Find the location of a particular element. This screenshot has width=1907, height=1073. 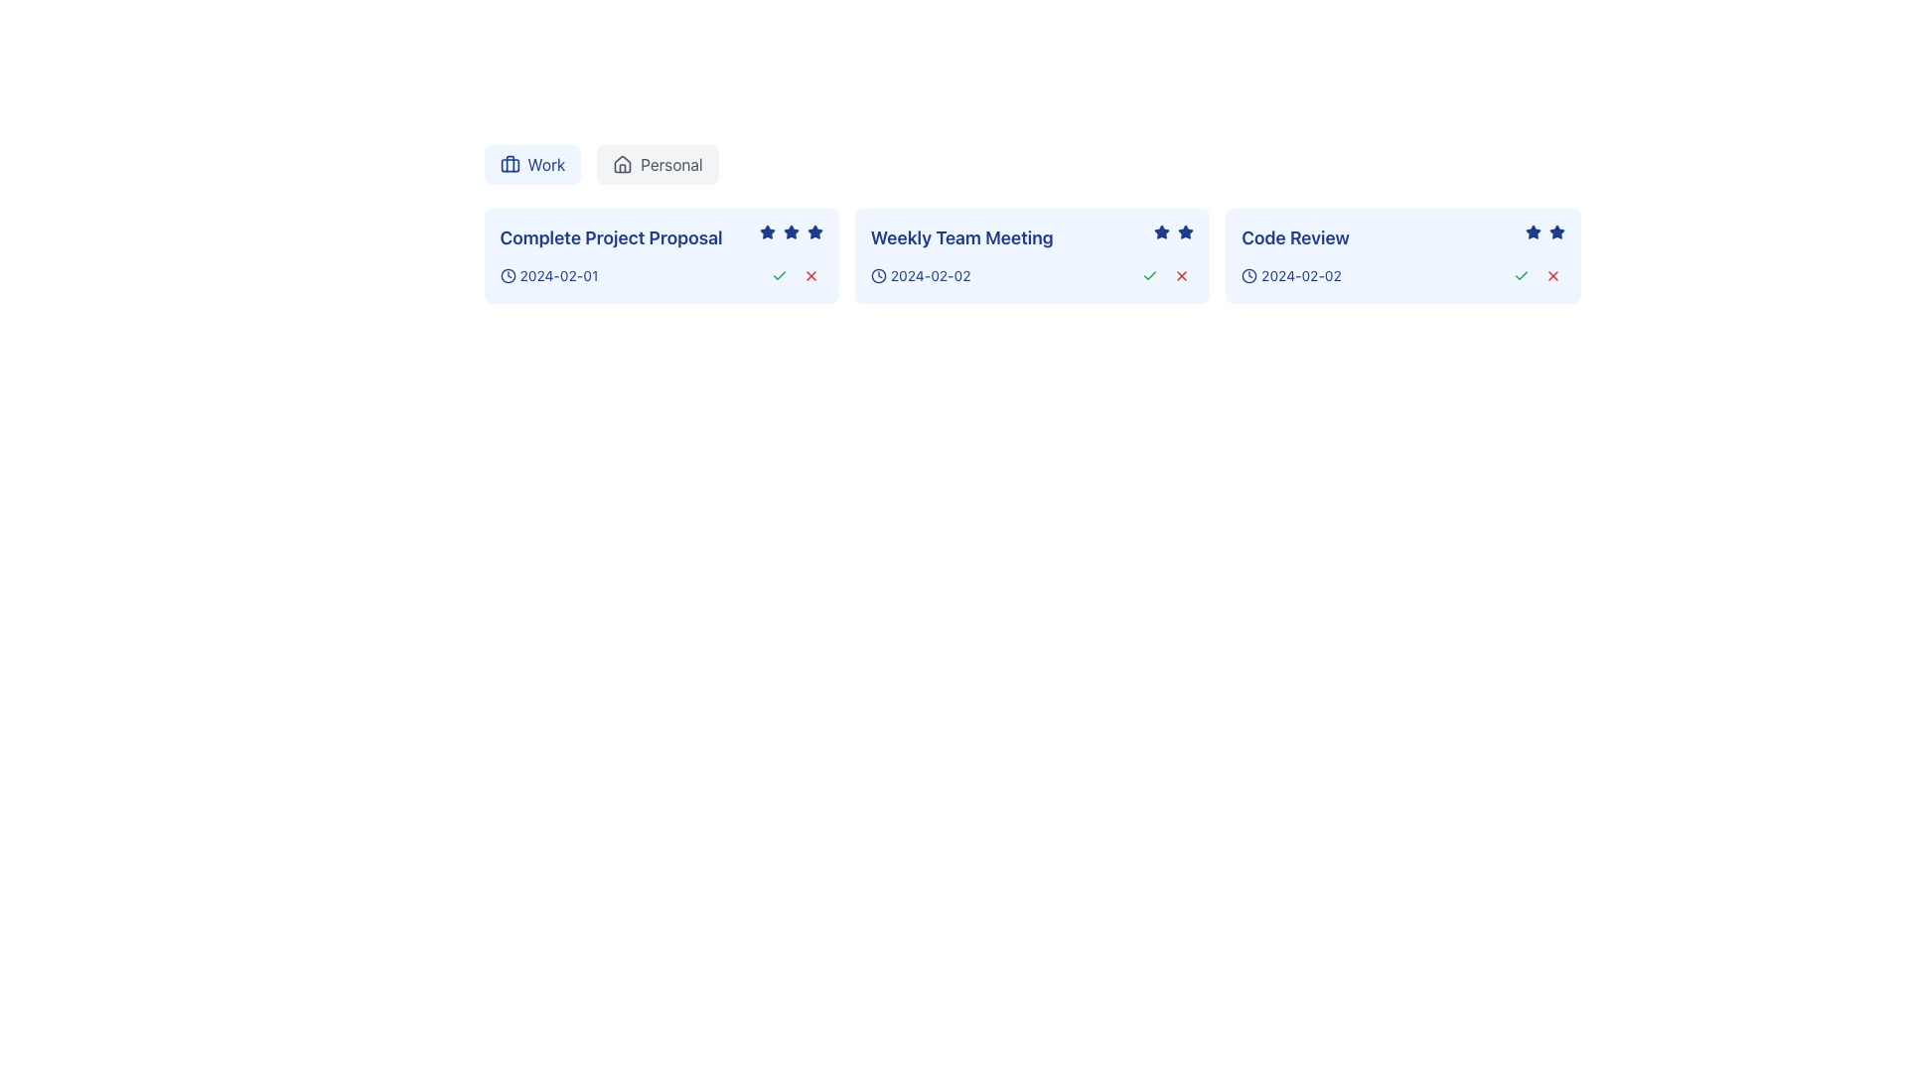

the star-shaped graphical icon located on the right side of the 'Weekly Team Meeting' text, which serves as a visual indicator for the rating system is located at coordinates (1174, 231).